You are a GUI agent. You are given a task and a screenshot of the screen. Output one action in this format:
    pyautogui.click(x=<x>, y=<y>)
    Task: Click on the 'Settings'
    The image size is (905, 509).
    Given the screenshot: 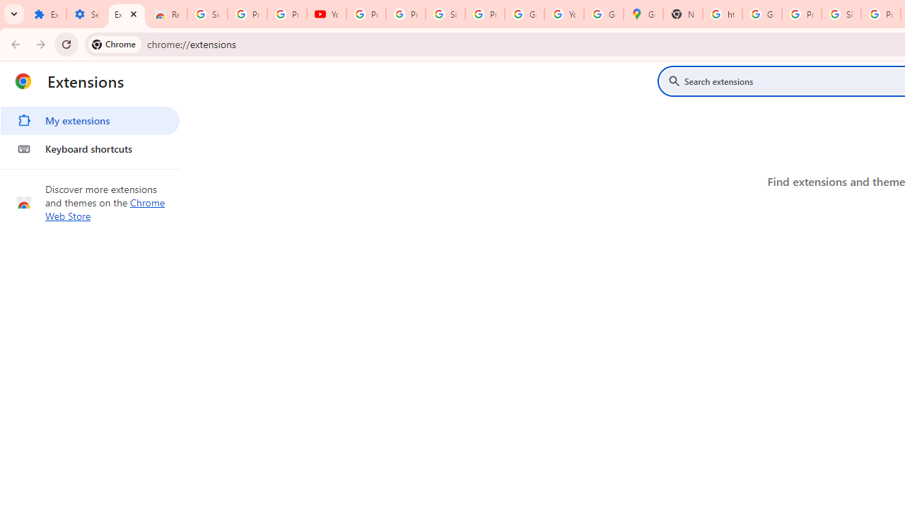 What is the action you would take?
    pyautogui.click(x=86, y=14)
    